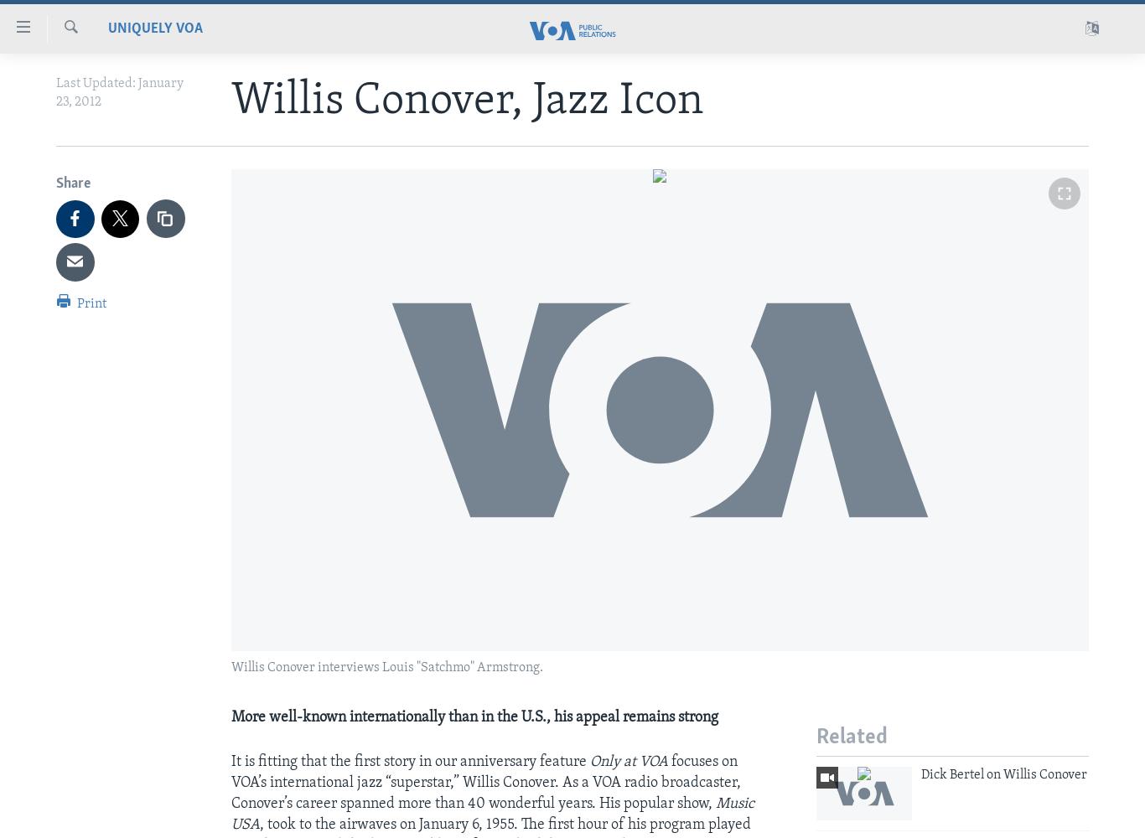  What do you see at coordinates (119, 92) in the screenshot?
I see `'Last Updated: January 23, 2012'` at bounding box center [119, 92].